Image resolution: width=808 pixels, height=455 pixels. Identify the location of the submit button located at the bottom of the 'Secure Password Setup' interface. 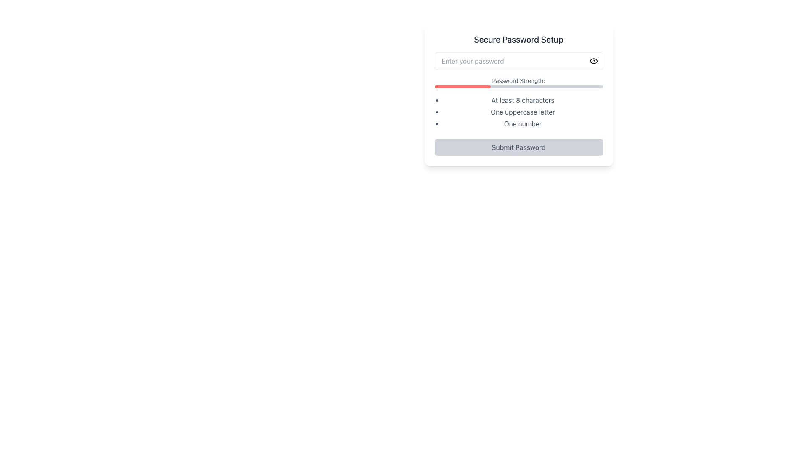
(518, 147).